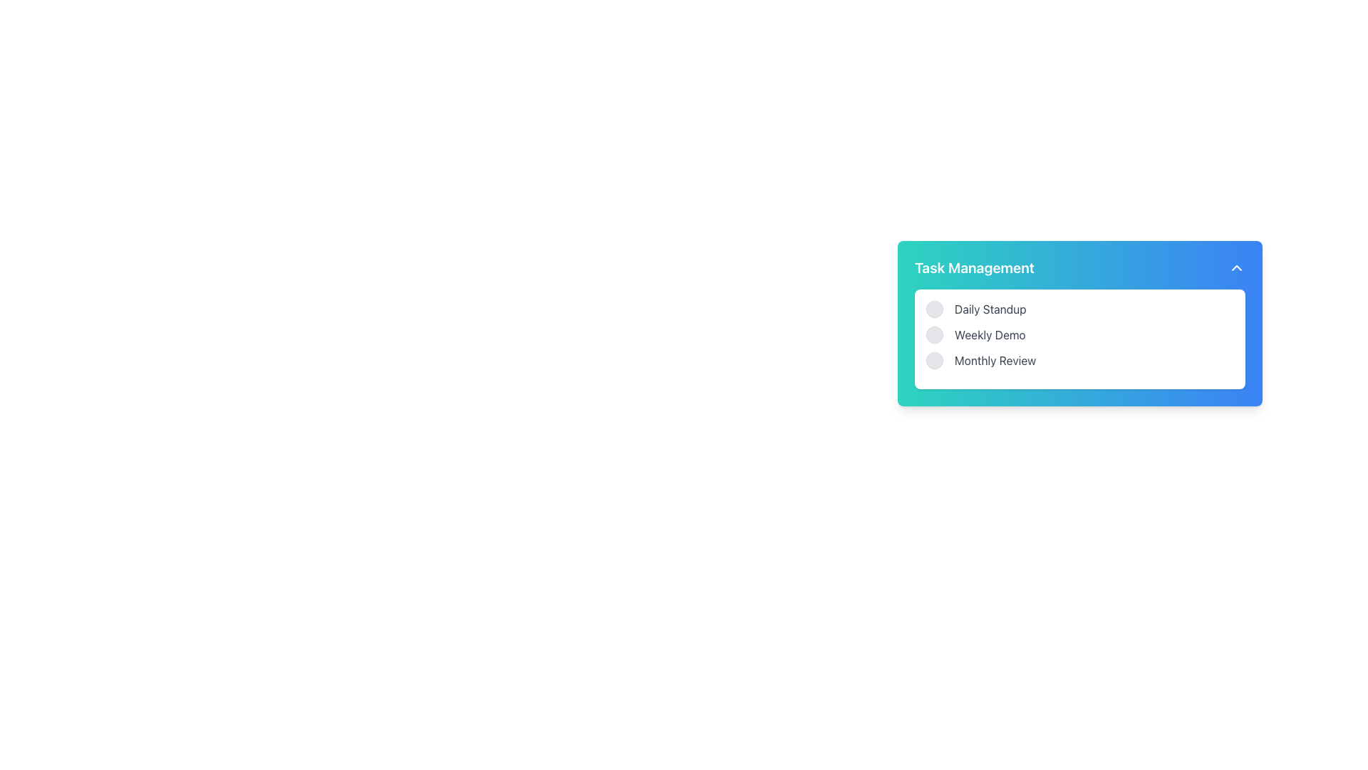  Describe the element at coordinates (934, 309) in the screenshot. I see `the circular button located at the top of the 'Task Management' card` at that location.